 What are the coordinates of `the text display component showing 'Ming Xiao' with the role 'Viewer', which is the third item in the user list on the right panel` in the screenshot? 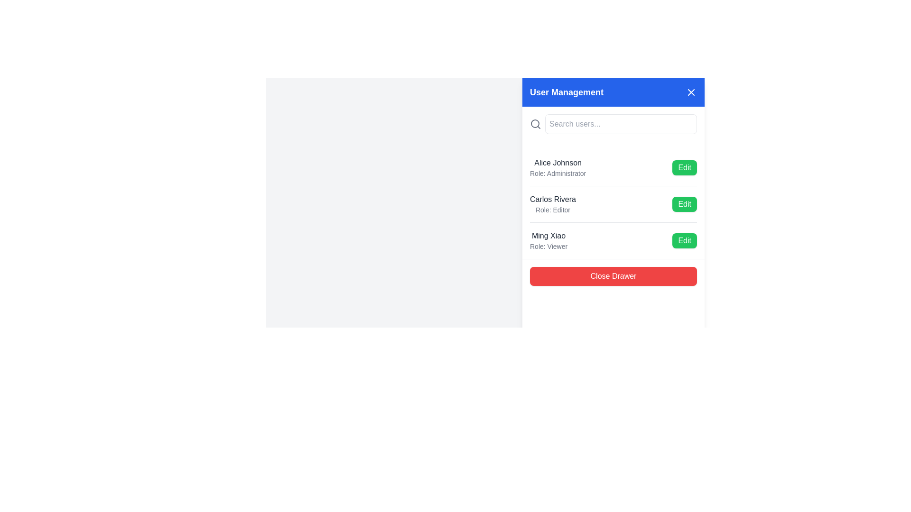 It's located at (548, 240).